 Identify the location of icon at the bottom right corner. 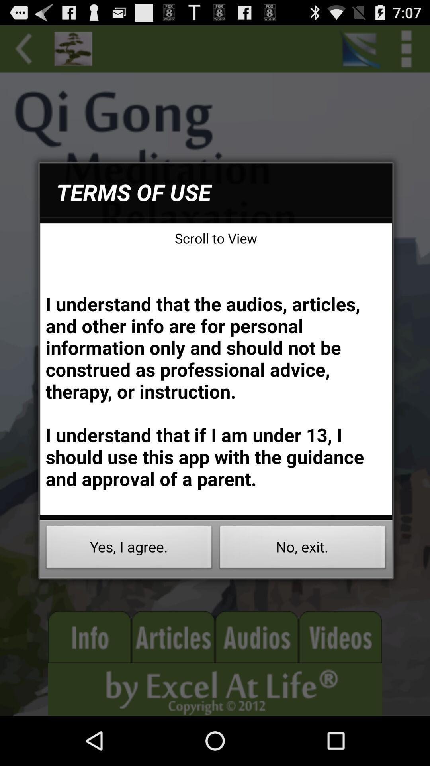
(303, 549).